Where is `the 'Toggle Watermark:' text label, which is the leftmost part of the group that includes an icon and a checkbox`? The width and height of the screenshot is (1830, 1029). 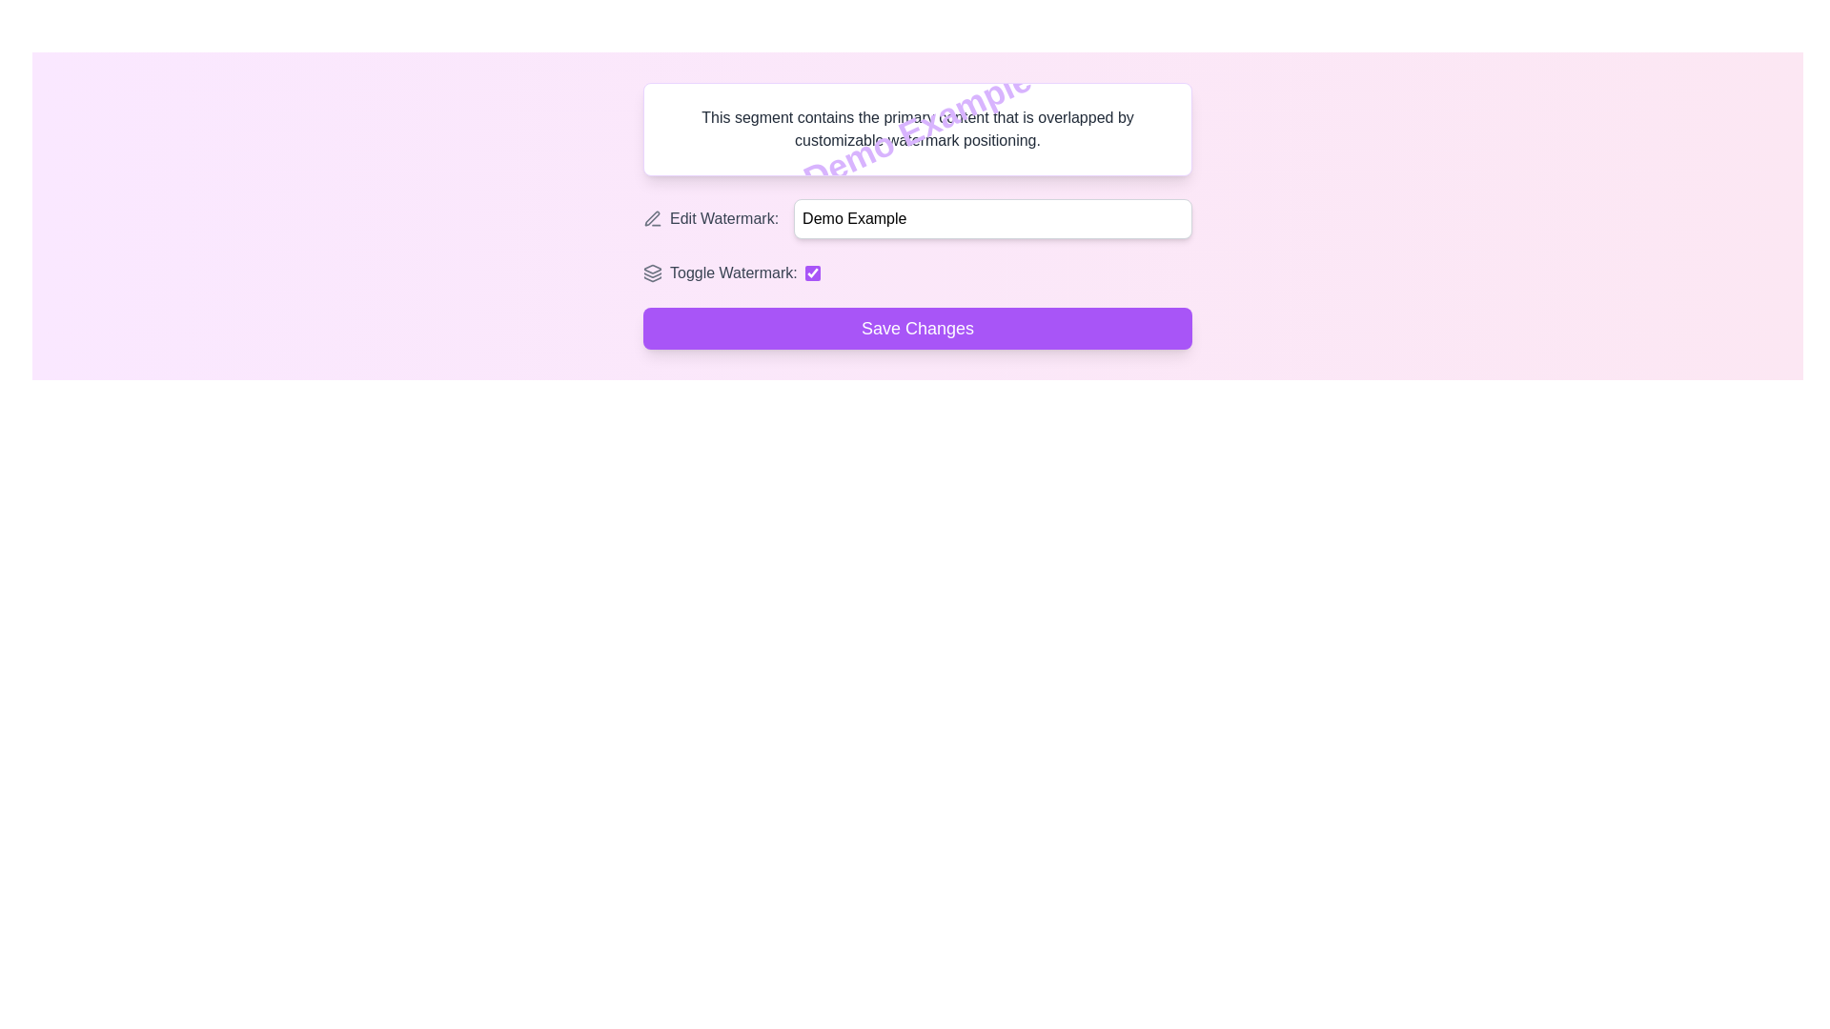
the 'Toggle Watermark:' text label, which is the leftmost part of the group that includes an icon and a checkbox is located at coordinates (719, 272).